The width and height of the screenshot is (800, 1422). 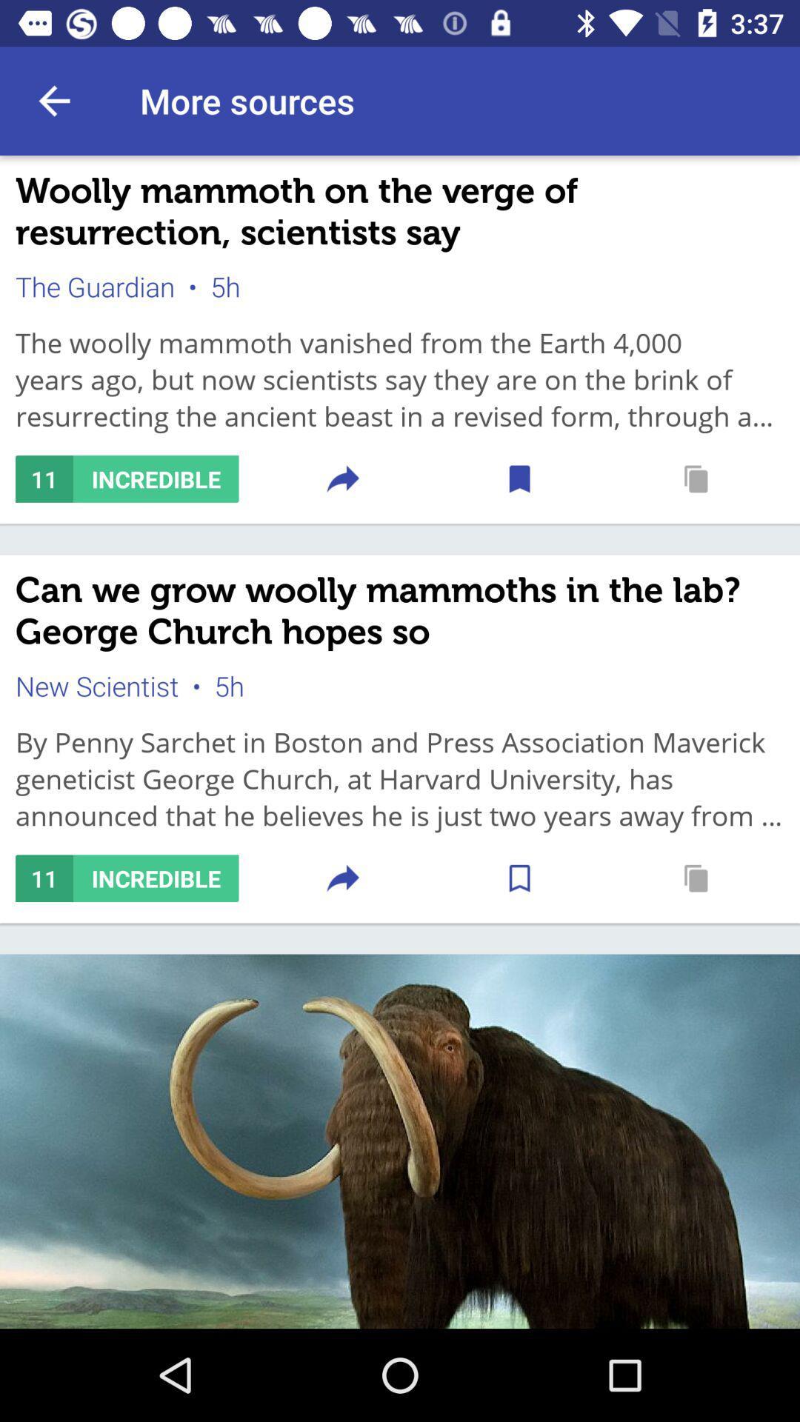 What do you see at coordinates (53, 100) in the screenshot?
I see `item to the left of the more sources` at bounding box center [53, 100].